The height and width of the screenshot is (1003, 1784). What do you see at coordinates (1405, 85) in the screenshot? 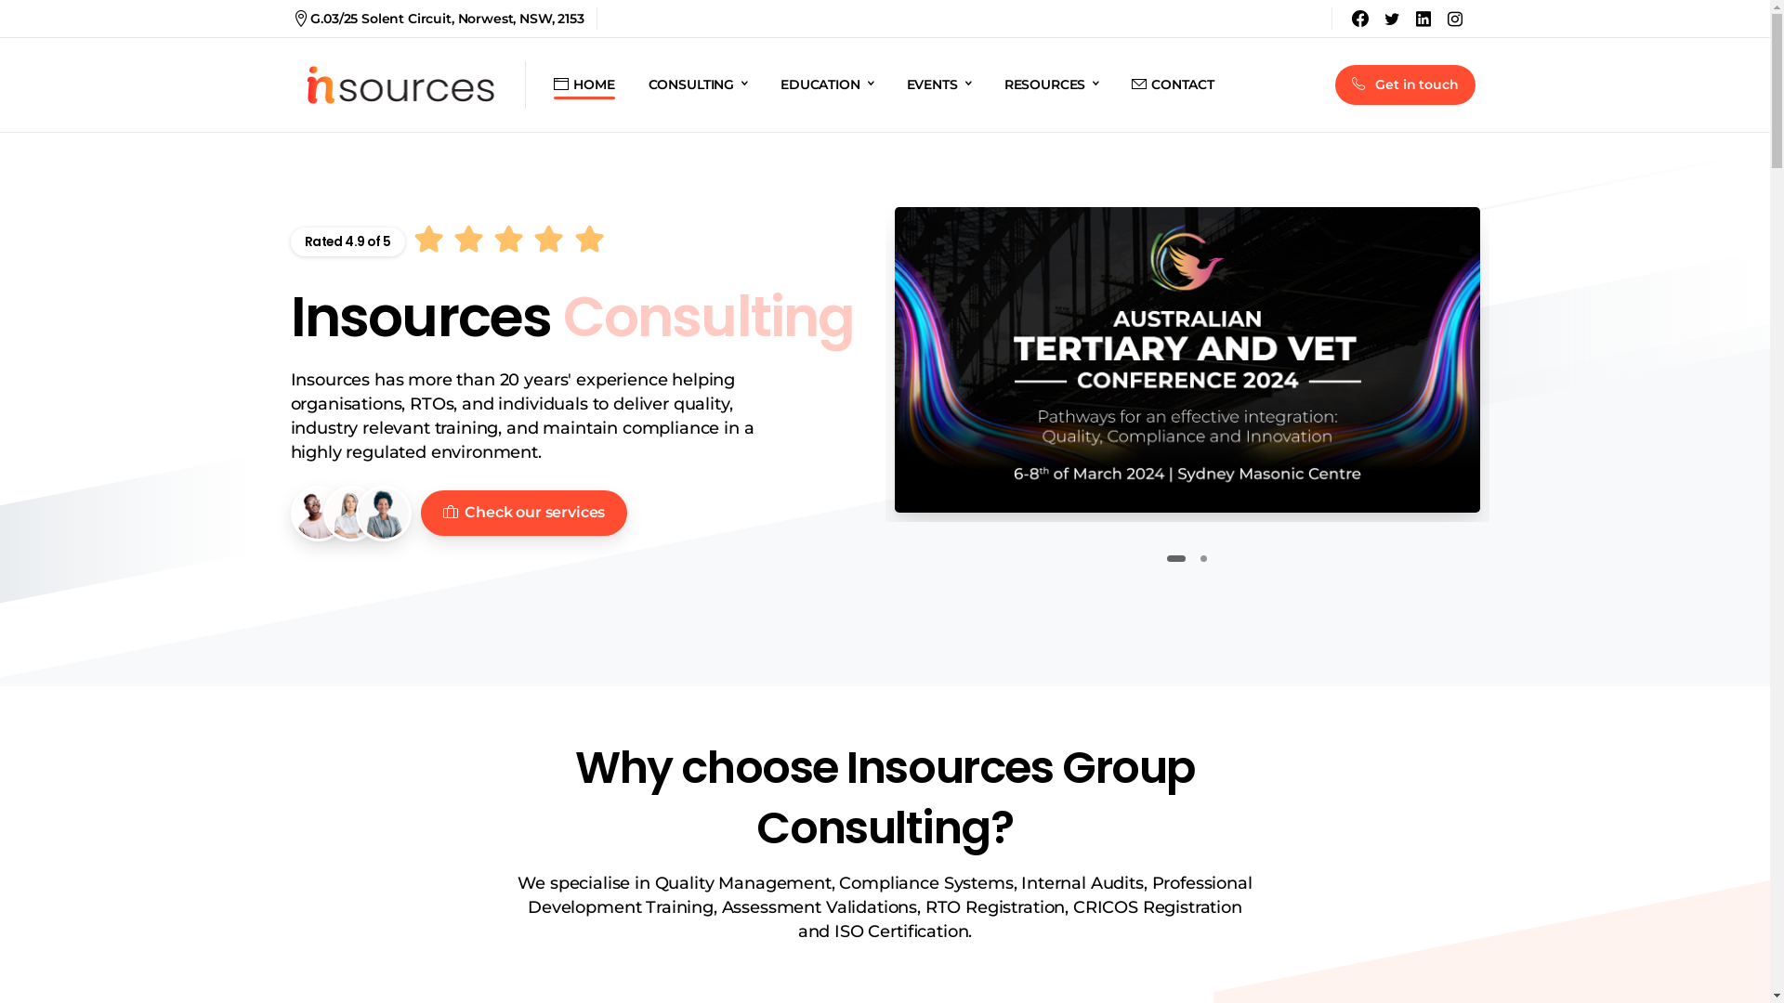
I see `'Get in touch'` at bounding box center [1405, 85].